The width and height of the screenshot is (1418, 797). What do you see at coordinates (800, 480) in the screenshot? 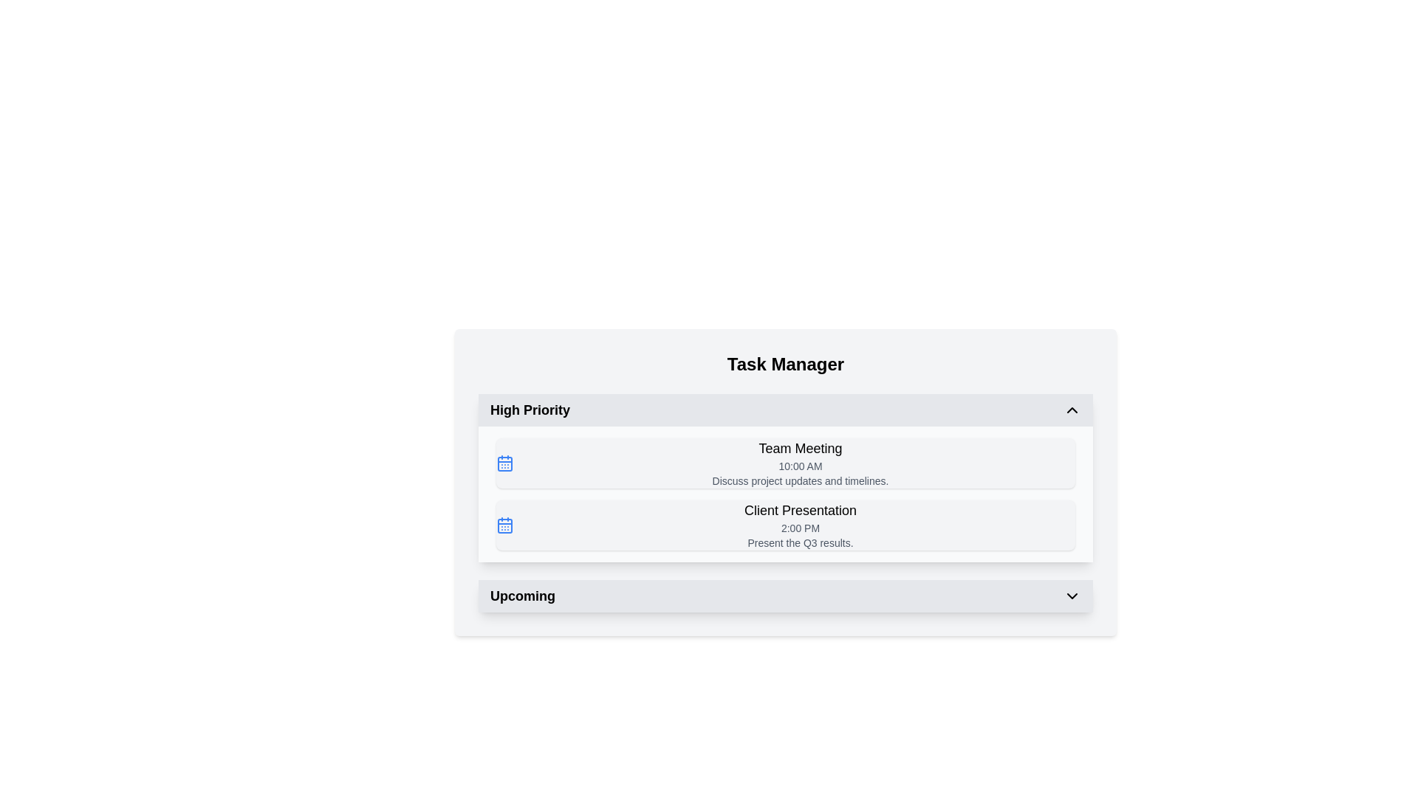
I see `the Text Label displaying 'Discuss project updates and timelines.' which is styled in a smaller font size with a light gray color, located in the High Priority section of the calendar-like task management interface` at bounding box center [800, 480].